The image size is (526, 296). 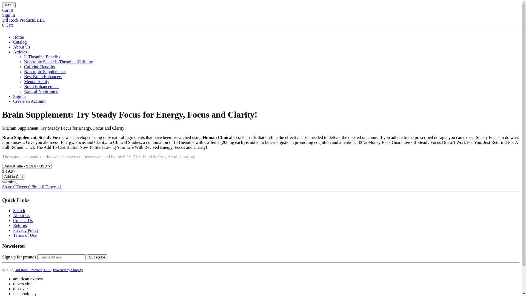 What do you see at coordinates (8, 10) in the screenshot?
I see `'Cart 0'` at bounding box center [8, 10].